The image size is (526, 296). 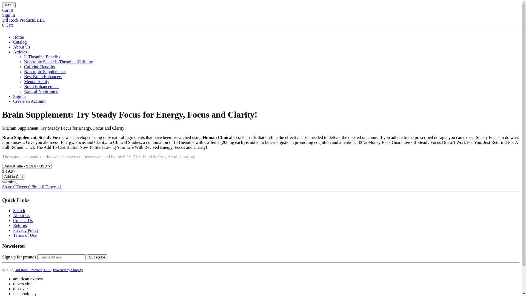 What do you see at coordinates (8, 10) in the screenshot?
I see `'Cart 0'` at bounding box center [8, 10].